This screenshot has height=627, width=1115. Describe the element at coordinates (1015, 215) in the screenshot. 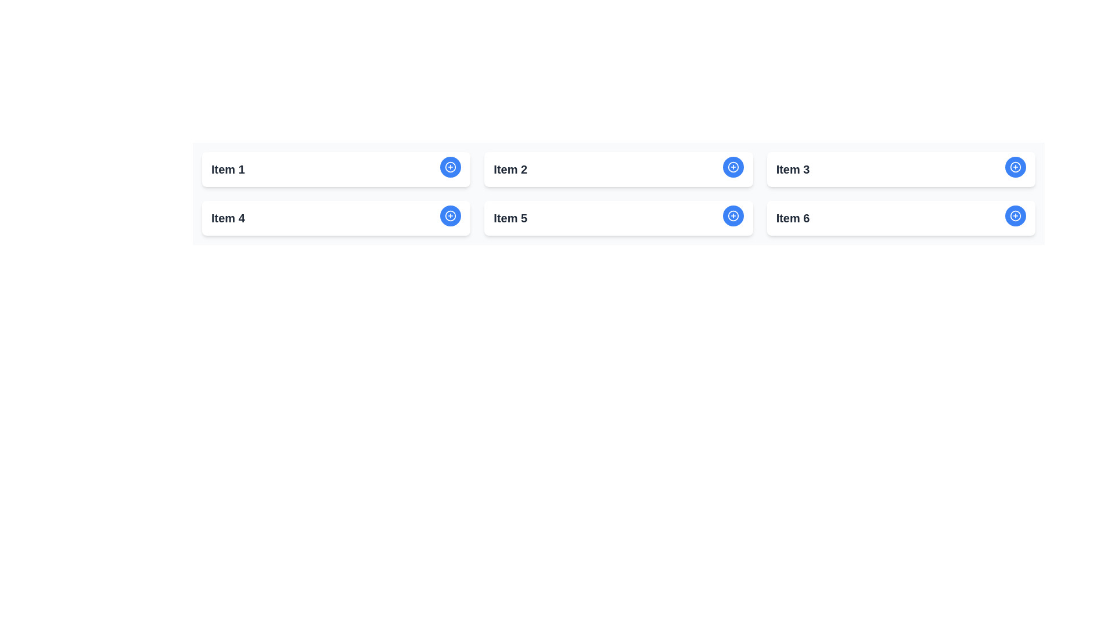

I see `the circular blue button with a white plus symbol located in the bottom-right of the 'Item 6' card` at that location.